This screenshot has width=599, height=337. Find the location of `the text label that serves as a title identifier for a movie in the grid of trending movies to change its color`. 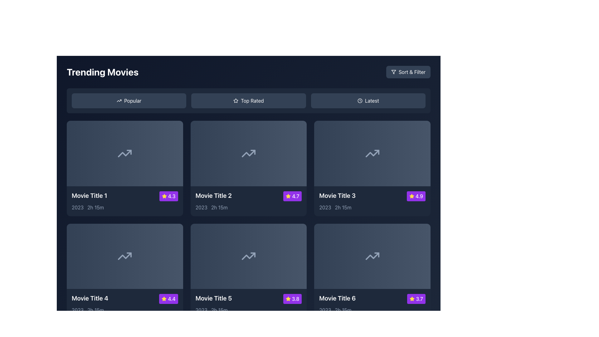

the text label that serves as a title identifier for a movie in the grid of trending movies to change its color is located at coordinates (89, 195).